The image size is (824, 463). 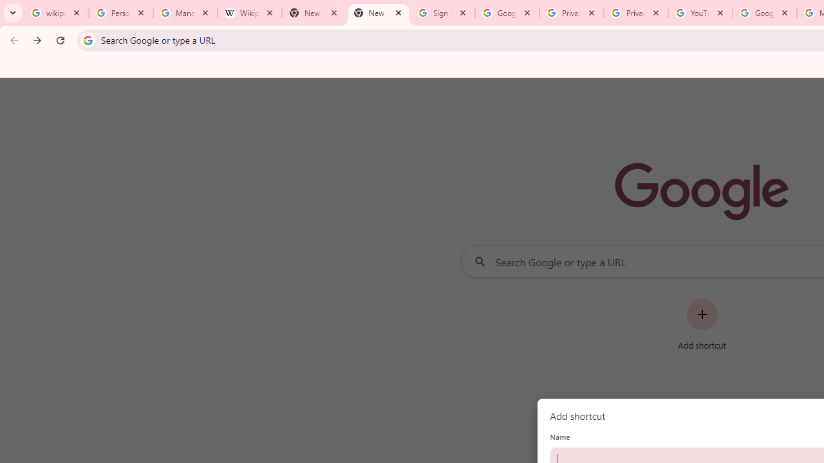 What do you see at coordinates (121, 13) in the screenshot?
I see `'Personalization & Google Search results - Google Search Help'` at bounding box center [121, 13].